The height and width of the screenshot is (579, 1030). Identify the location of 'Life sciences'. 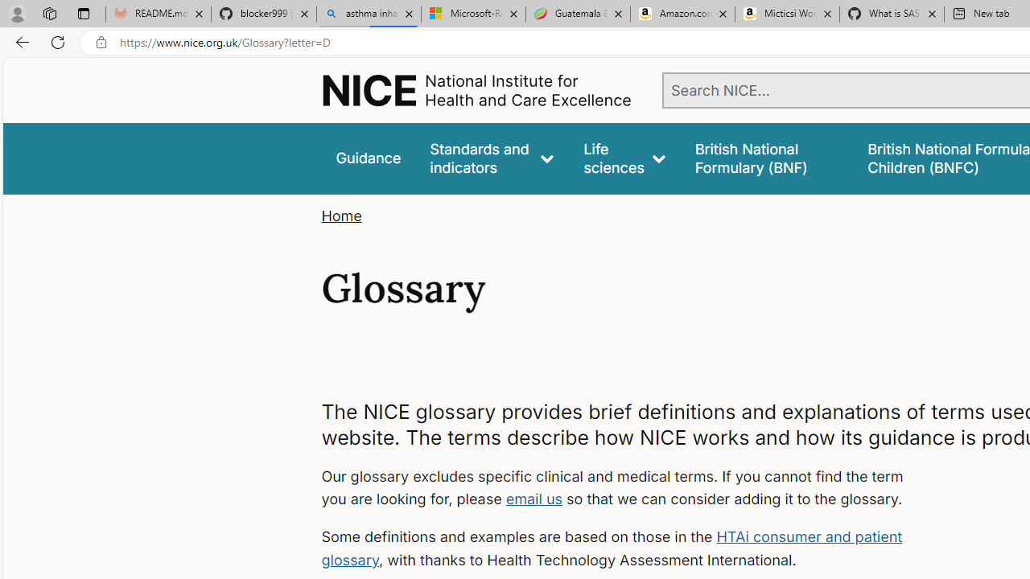
(624, 158).